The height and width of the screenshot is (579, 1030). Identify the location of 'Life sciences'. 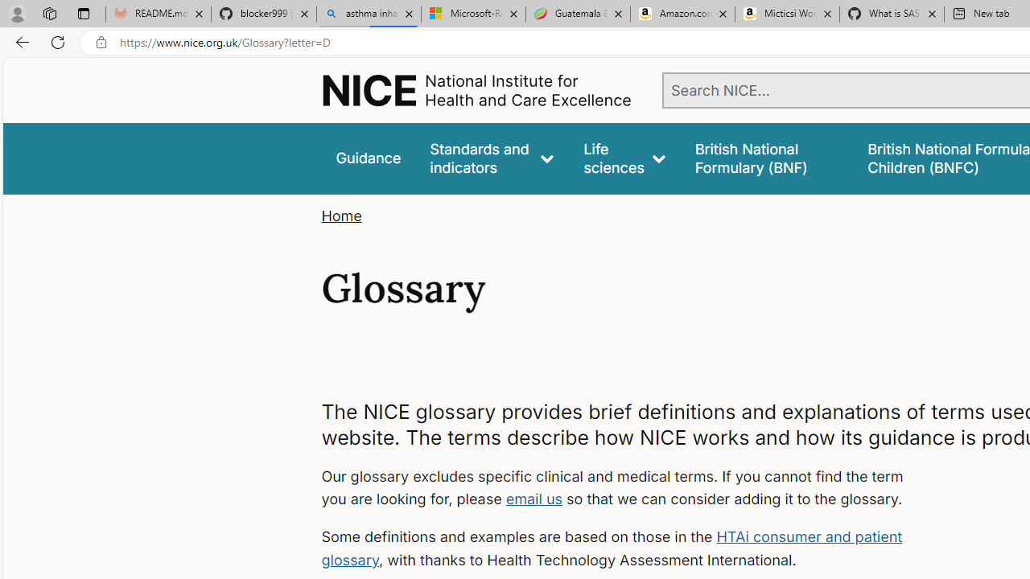
(624, 158).